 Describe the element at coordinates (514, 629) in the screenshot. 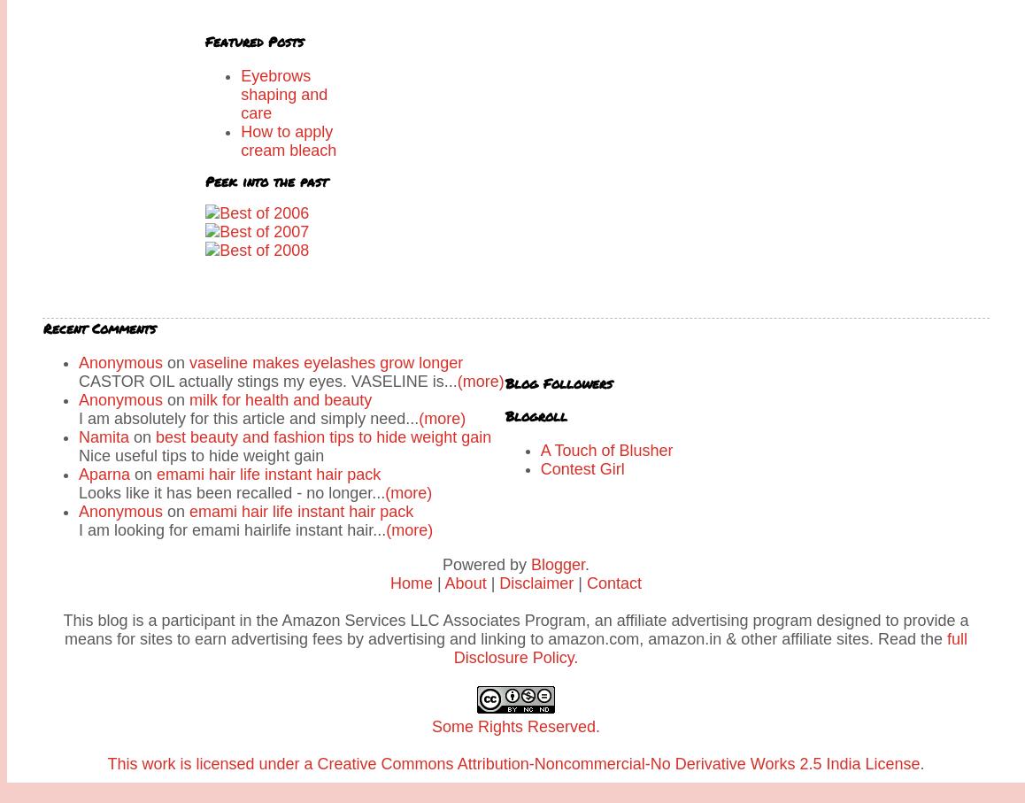

I see `'This blog is a participant in the Amazon Services LLC Associates Program, an affiliate advertising program designed to provide a means for sites to earn advertising fees by advertising and linking to amazon.com, amazon.in & other affiliate sites. Read the'` at that location.